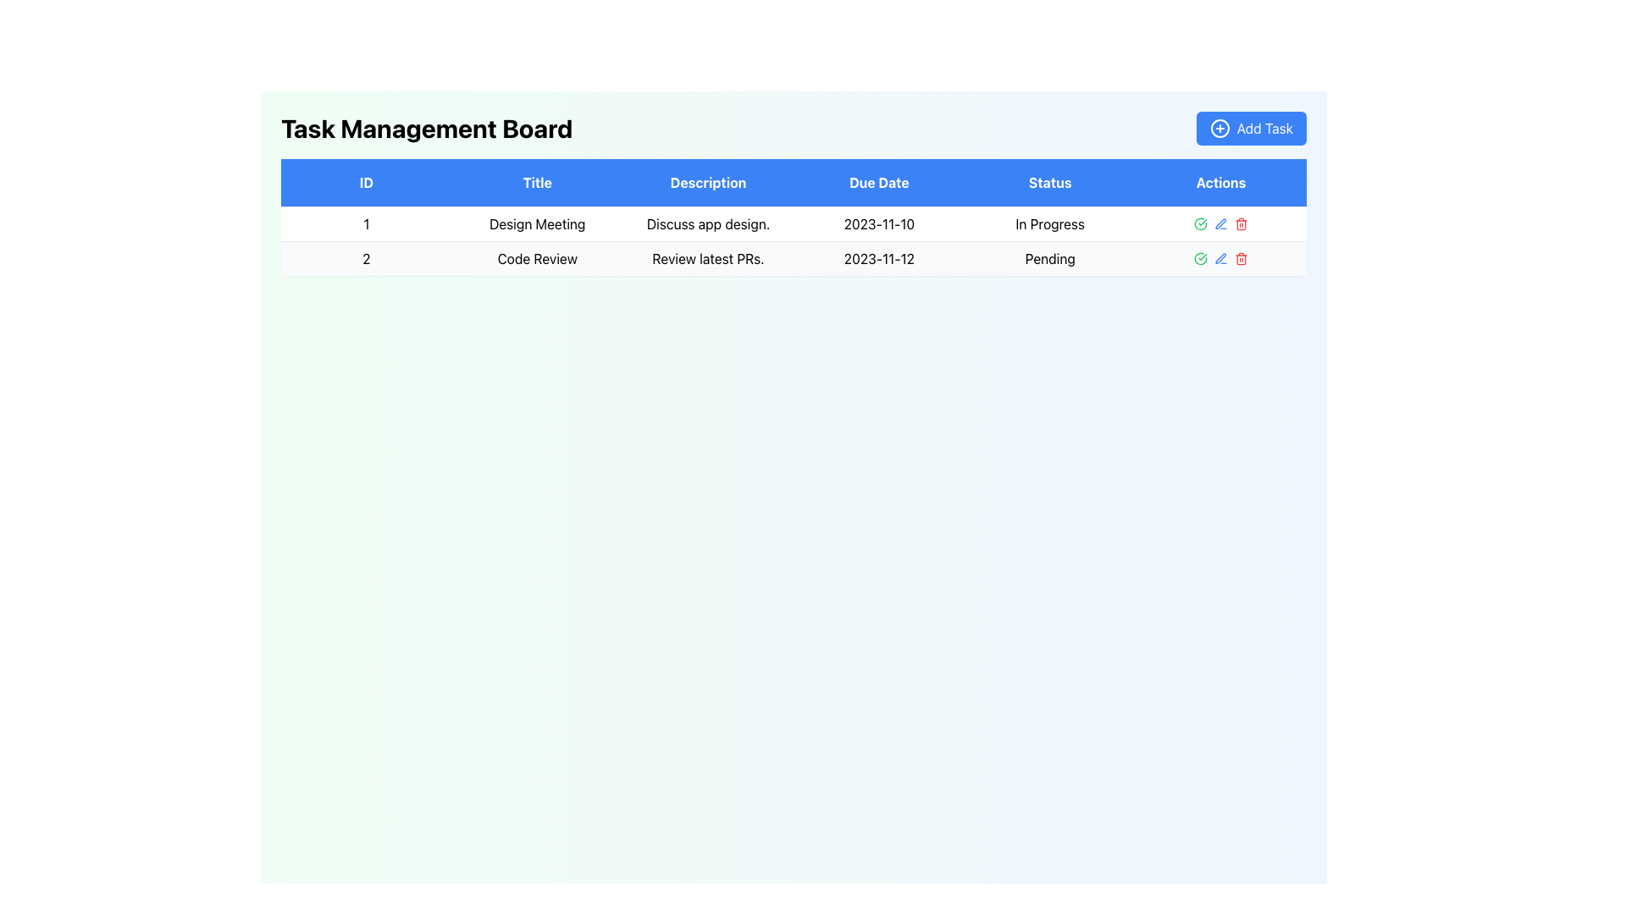  I want to click on the Icon Button located in the 'Actions' column of the second row in the table, so click(1200, 223).